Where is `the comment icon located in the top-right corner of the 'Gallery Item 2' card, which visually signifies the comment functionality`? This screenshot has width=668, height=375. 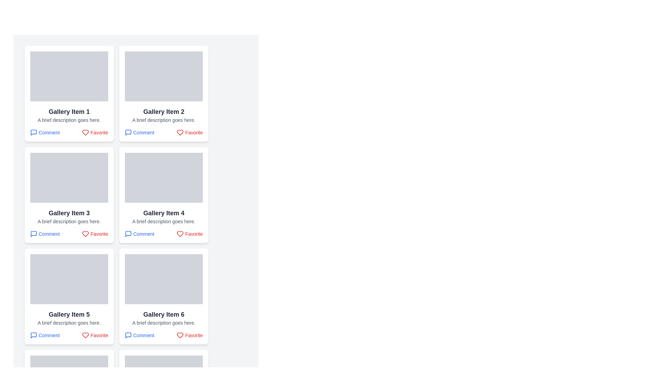 the comment icon located in the top-right corner of the 'Gallery Item 2' card, which visually signifies the comment functionality is located at coordinates (128, 132).